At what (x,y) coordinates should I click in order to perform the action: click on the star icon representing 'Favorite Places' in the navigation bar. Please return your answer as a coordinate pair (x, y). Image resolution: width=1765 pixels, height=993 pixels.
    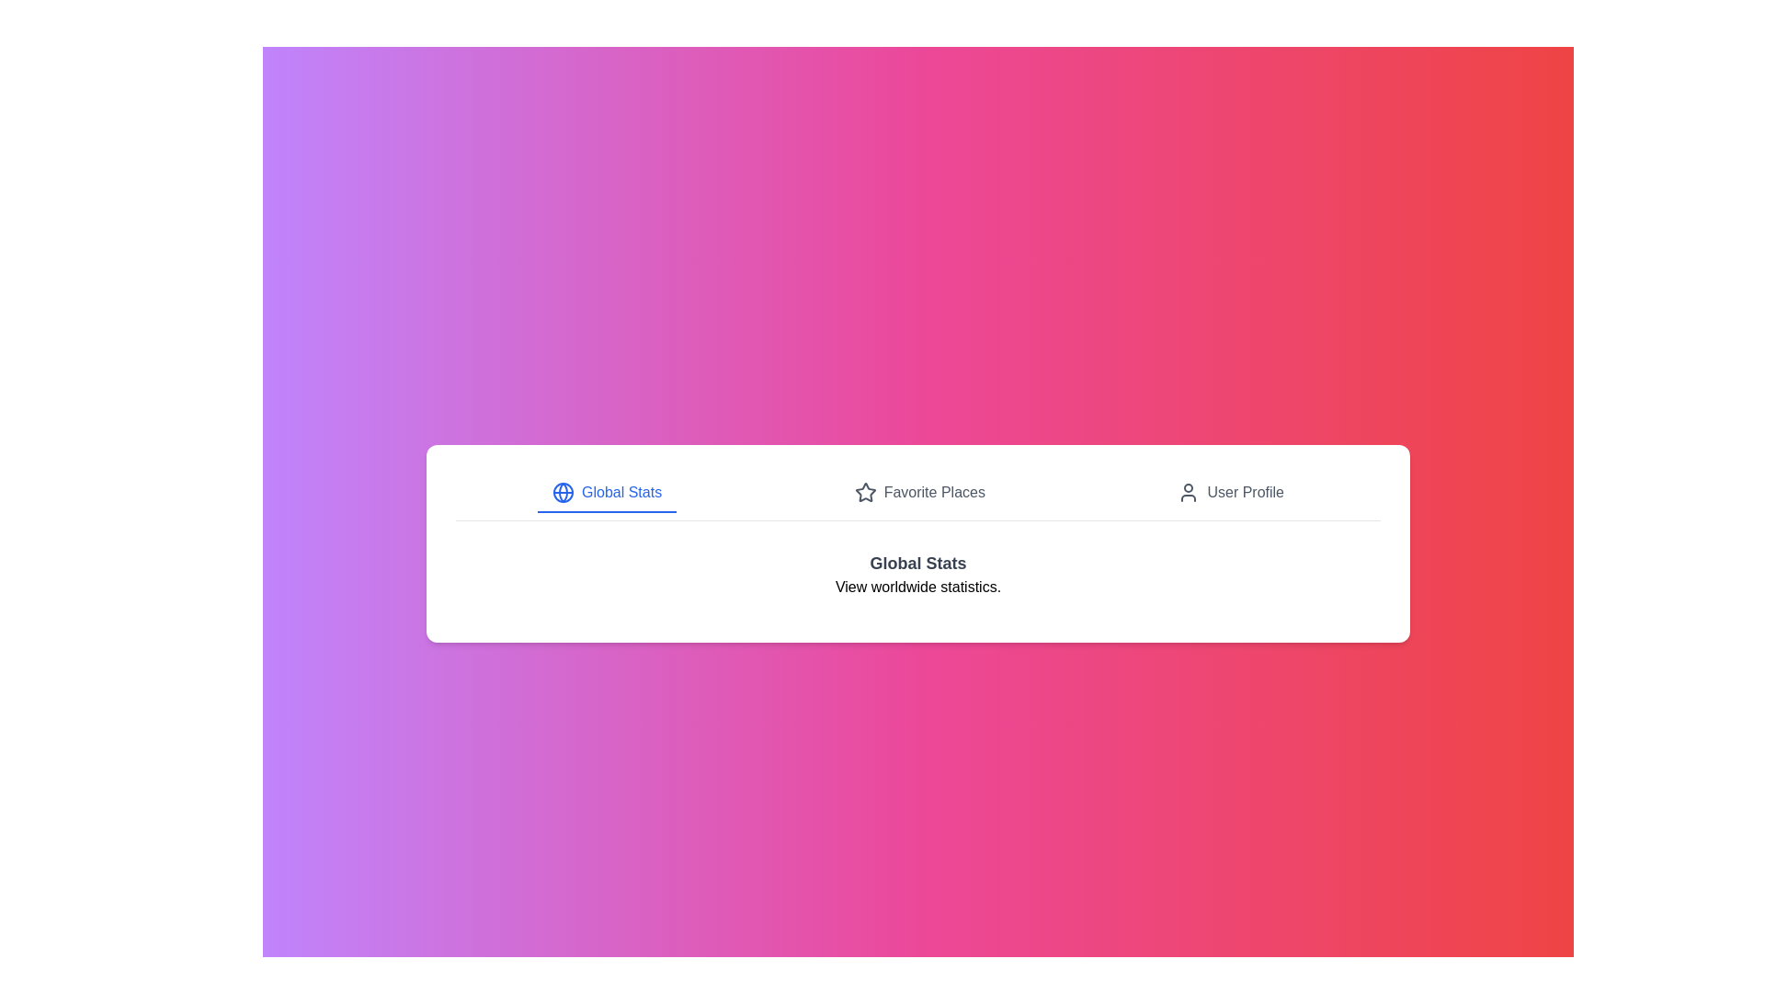
    Looking at the image, I should click on (864, 491).